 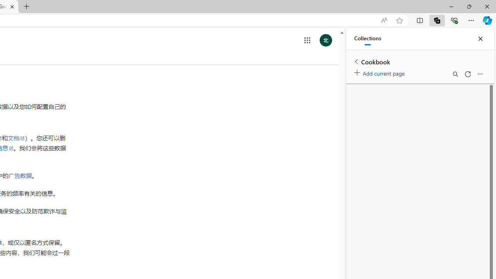 What do you see at coordinates (479, 74) in the screenshot?
I see `'More options menu'` at bounding box center [479, 74].